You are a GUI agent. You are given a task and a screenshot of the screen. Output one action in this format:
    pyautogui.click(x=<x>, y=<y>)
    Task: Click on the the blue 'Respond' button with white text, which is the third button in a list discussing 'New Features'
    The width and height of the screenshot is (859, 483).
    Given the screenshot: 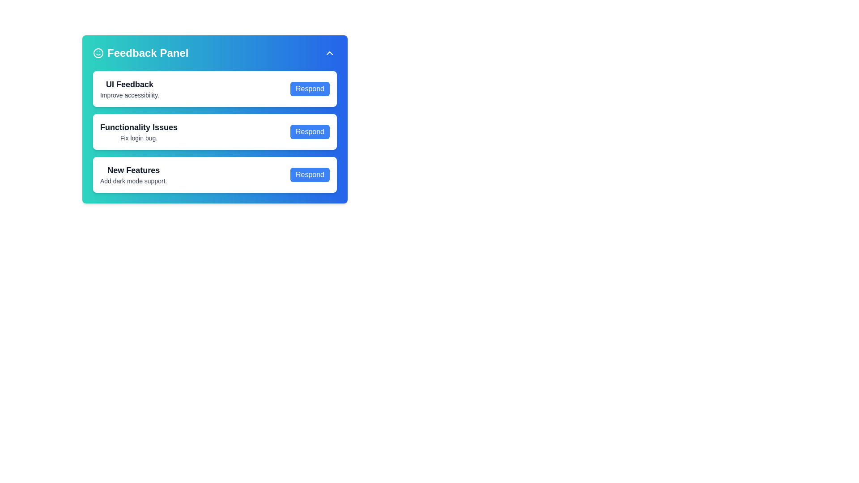 What is the action you would take?
    pyautogui.click(x=310, y=174)
    